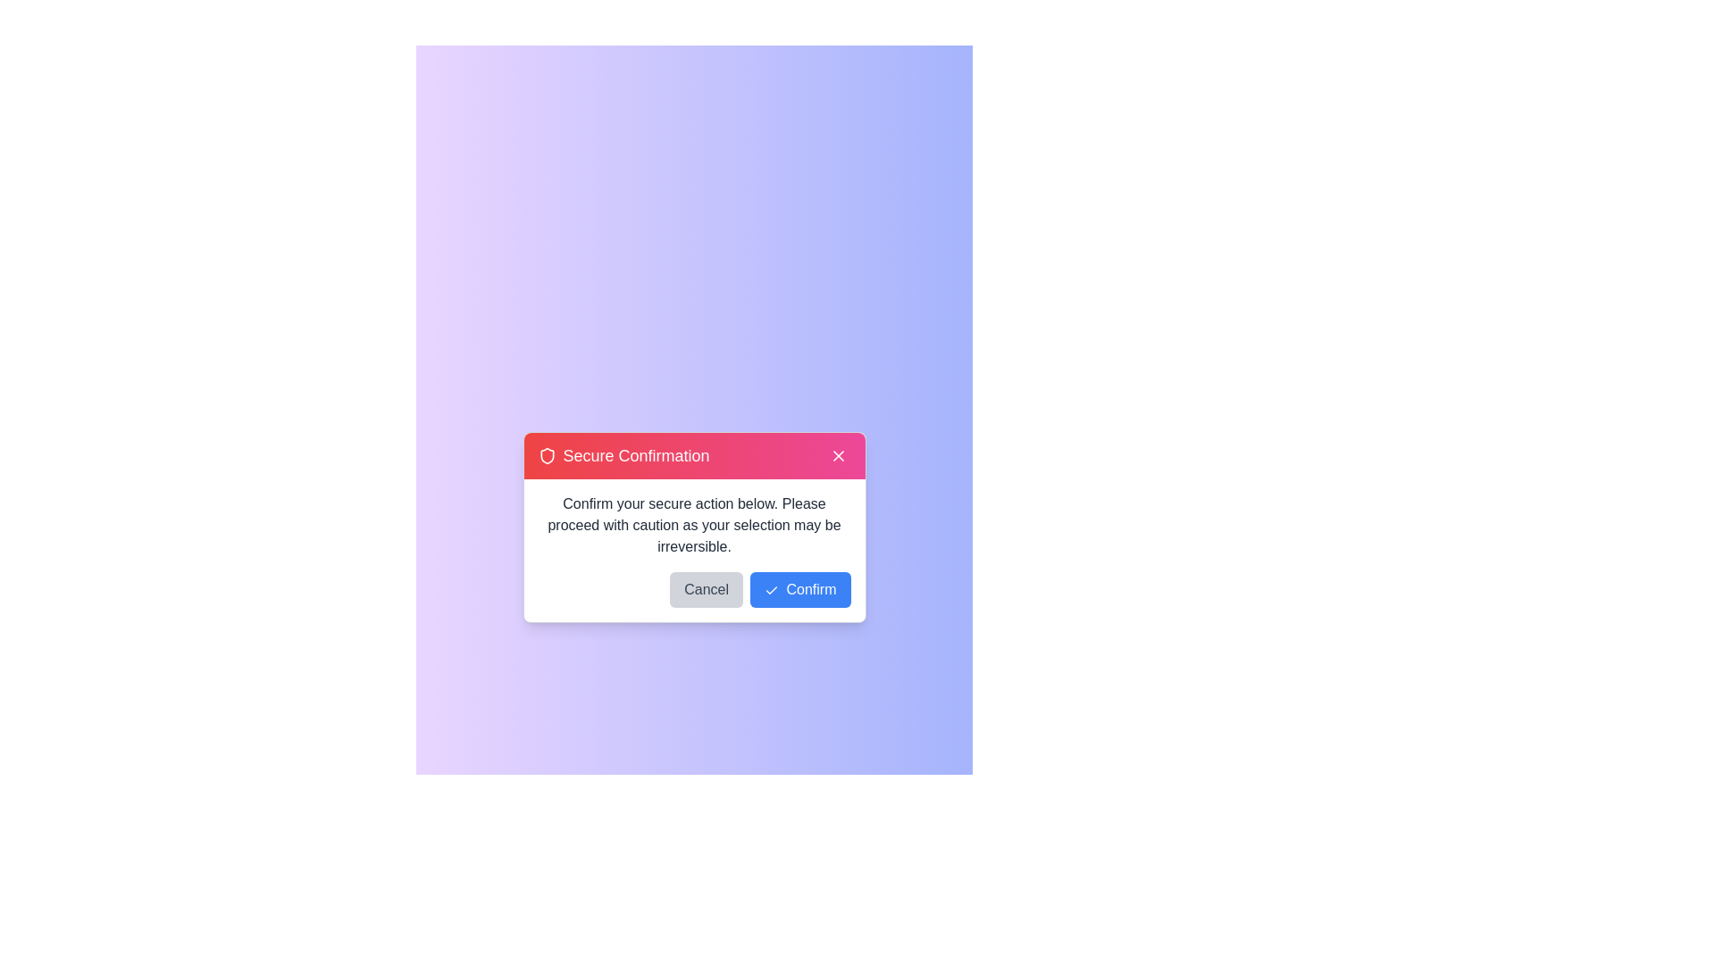 The image size is (1715, 964). Describe the element at coordinates (693, 525) in the screenshot. I see `the informational text block displaying a warning message in the 'Secure Confirmation' modal, which is centered and styled with a serif font` at that location.